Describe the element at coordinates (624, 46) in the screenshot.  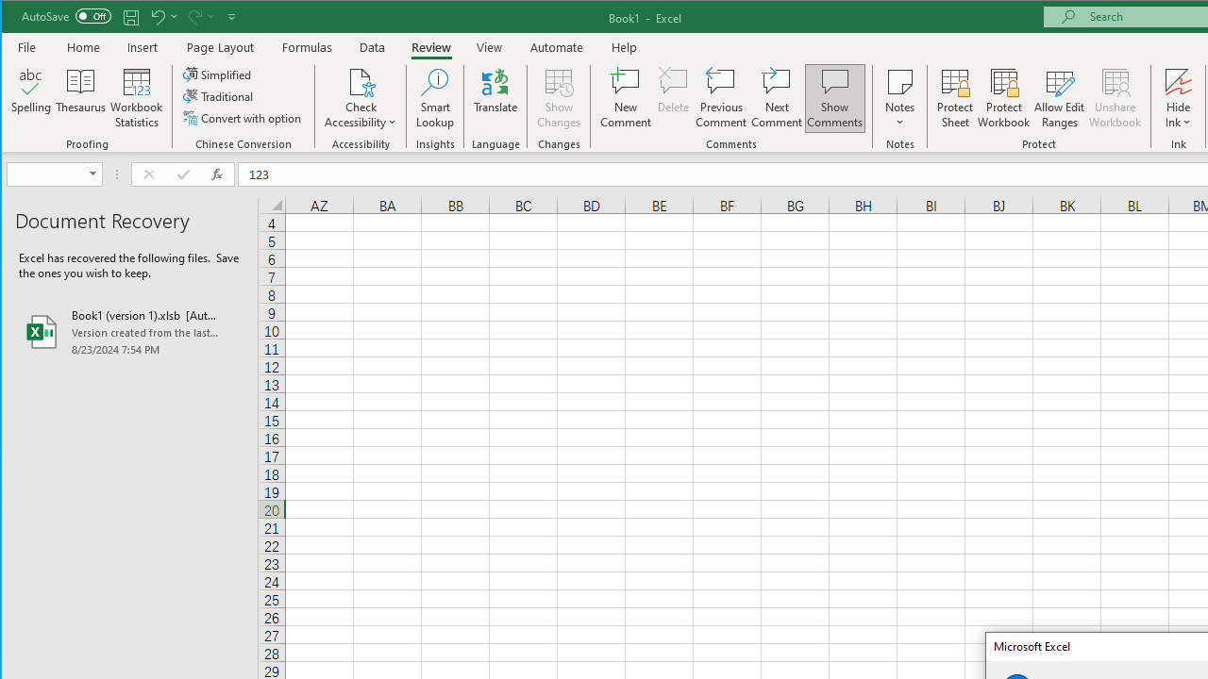
I see `'Help'` at that location.